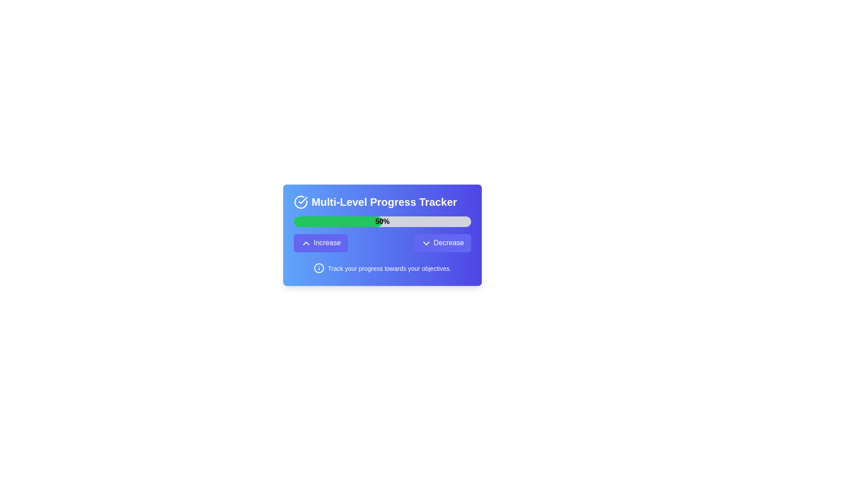 Image resolution: width=851 pixels, height=478 pixels. Describe the element at coordinates (319, 267) in the screenshot. I see `the circular icon located to the left of the text 'Track your progress towards your objectives.' which is situated below the 'Increase' and 'Decrease' buttons` at that location.